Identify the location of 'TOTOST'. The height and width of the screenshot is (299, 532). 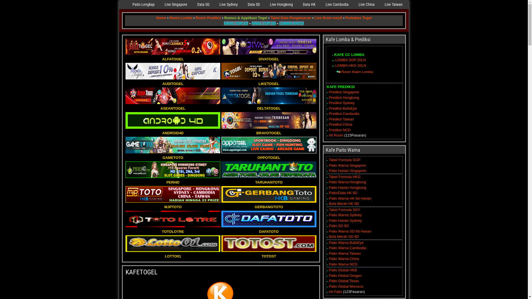
(268, 253).